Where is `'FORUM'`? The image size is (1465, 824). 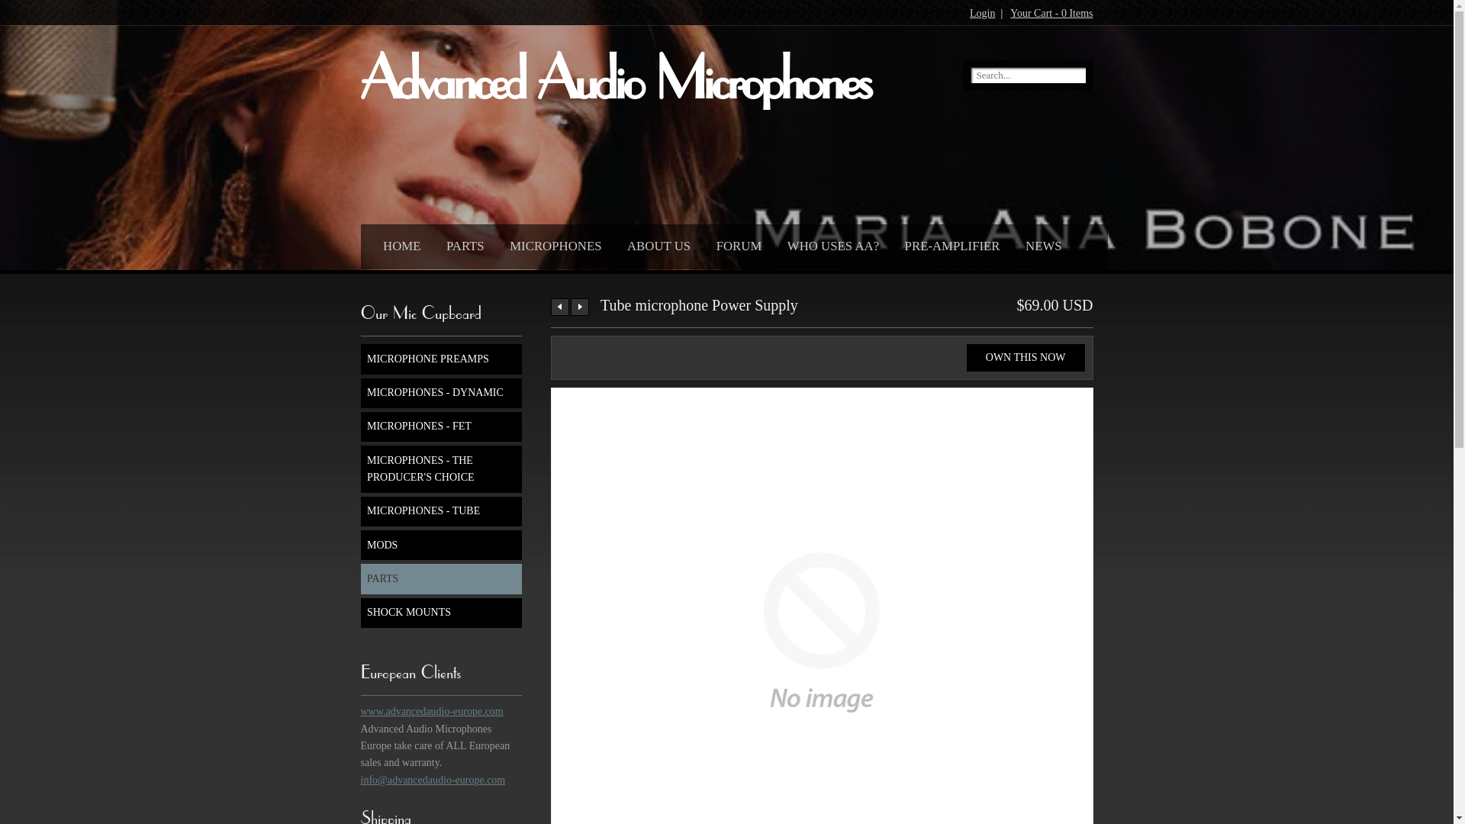 'FORUM' is located at coordinates (736, 243).